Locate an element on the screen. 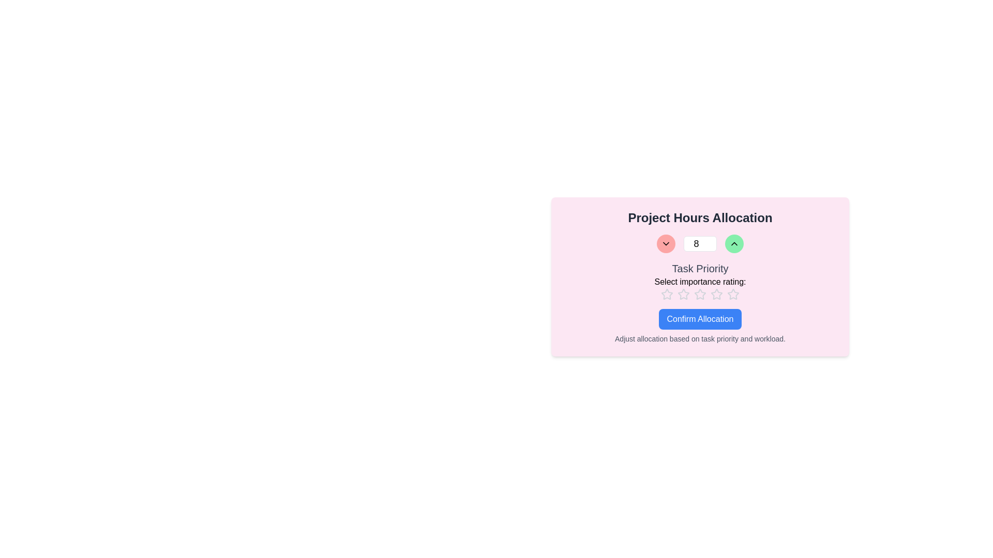 This screenshot has height=558, width=993. the sixth star icon in the rating system located in the 'Select importance rating:' section below the 'Task Priority' subsection to set the rating is located at coordinates (716, 295).